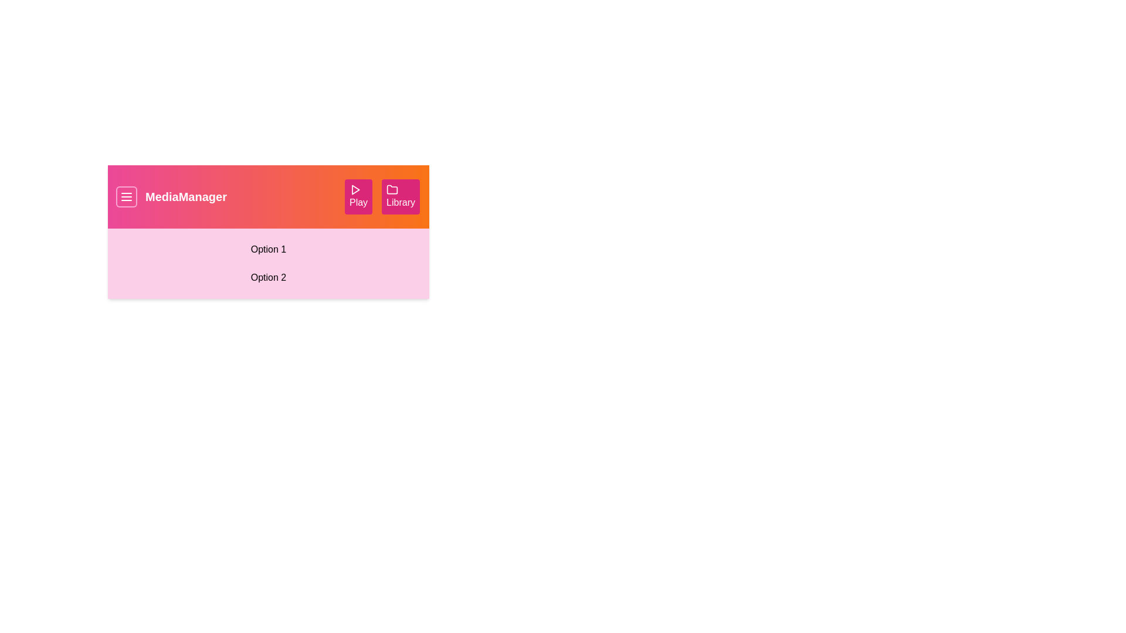 This screenshot has width=1126, height=633. I want to click on the 'Library' button, so click(401, 196).